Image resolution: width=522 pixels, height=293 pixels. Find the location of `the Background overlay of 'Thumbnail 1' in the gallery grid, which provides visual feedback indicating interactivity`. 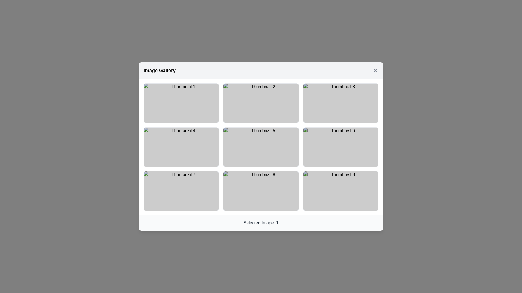

the Background overlay of 'Thumbnail 1' in the gallery grid, which provides visual feedback indicating interactivity is located at coordinates (181, 103).